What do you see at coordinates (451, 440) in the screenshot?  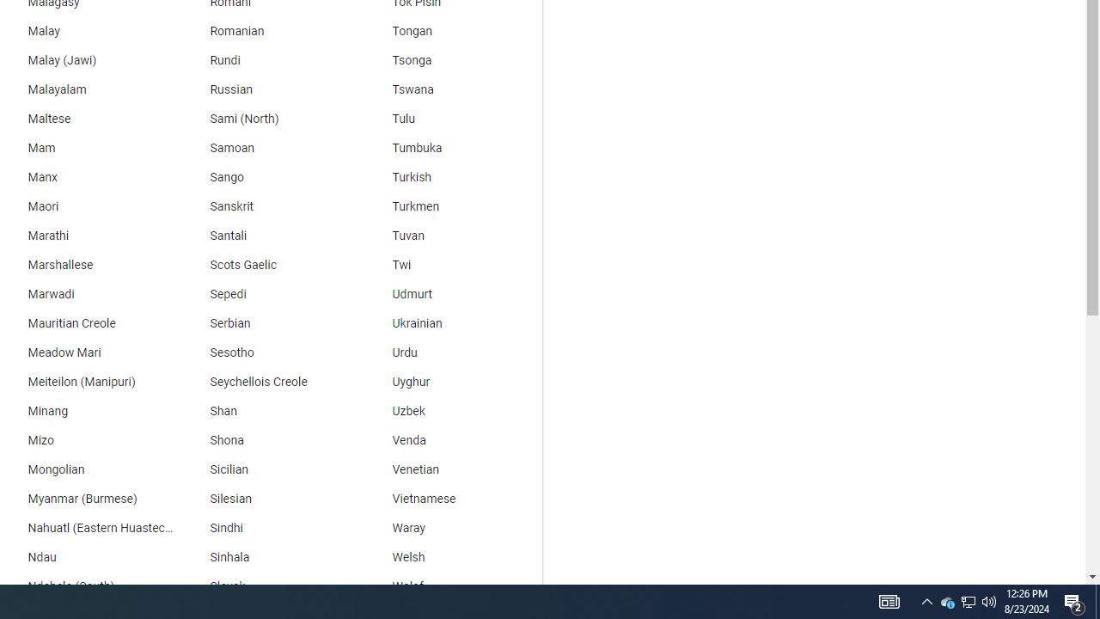 I see `'Venda'` at bounding box center [451, 440].